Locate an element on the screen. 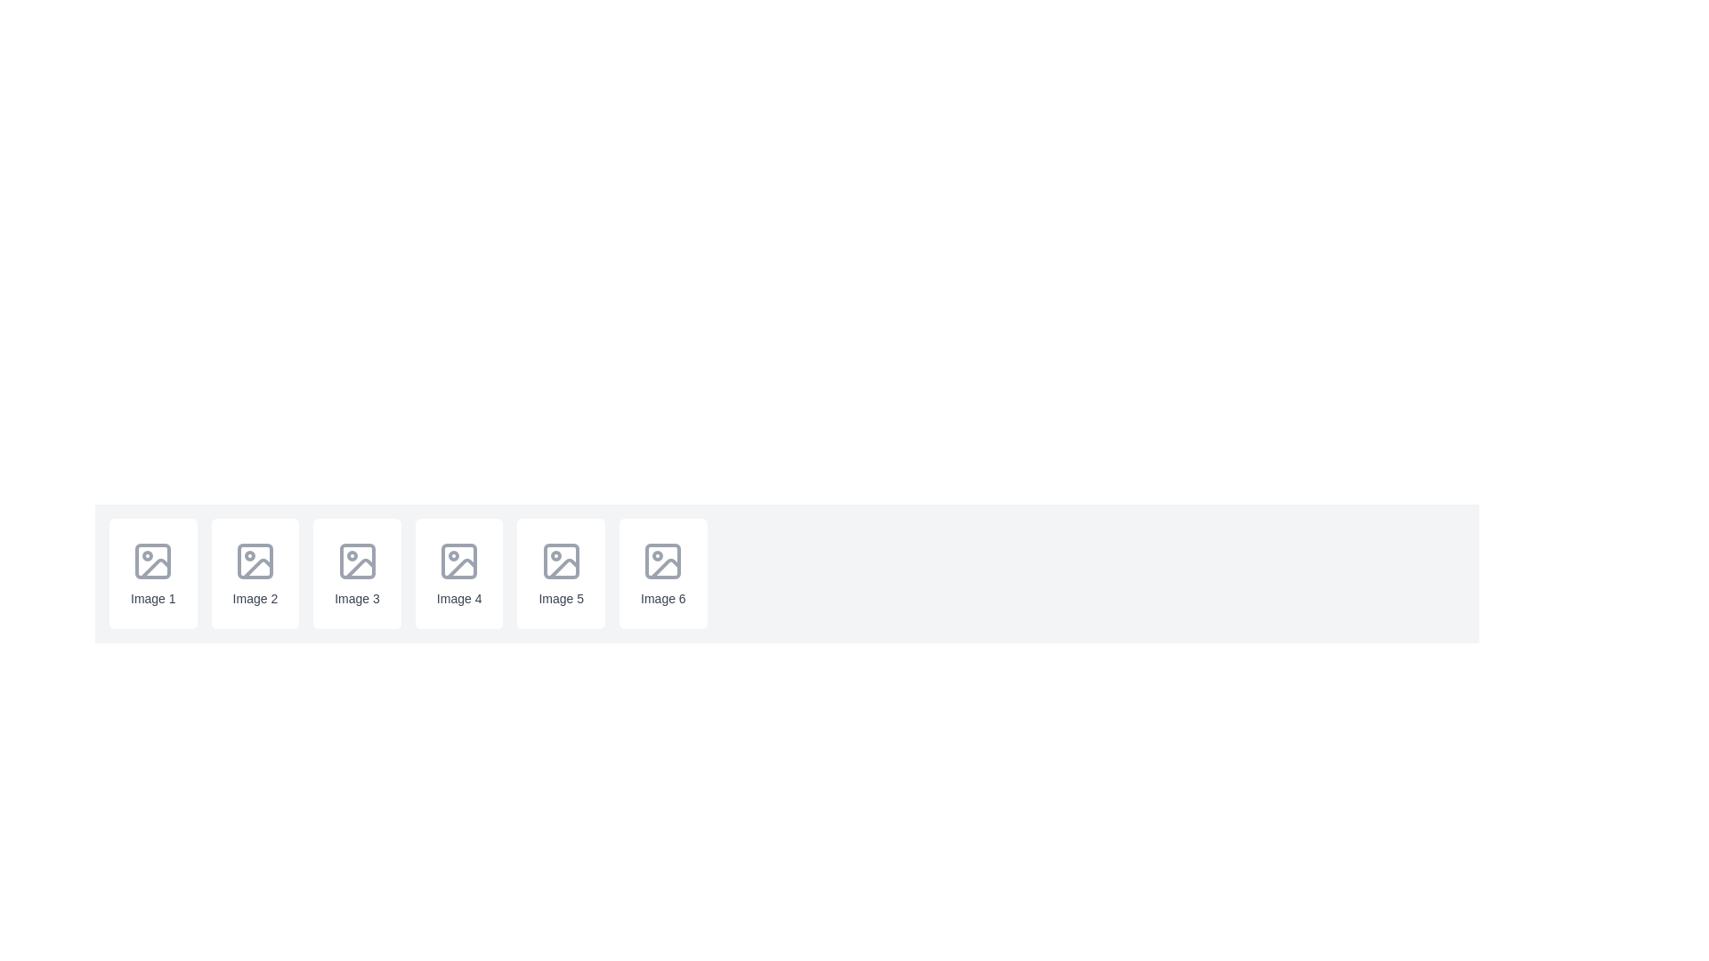 This screenshot has height=961, width=1709. the icon depicting an image with a rectangular frame and a circular detail inside, located under the text label 'Image 2' in the second slot of a horizontal list of icons is located at coordinates (254, 561).